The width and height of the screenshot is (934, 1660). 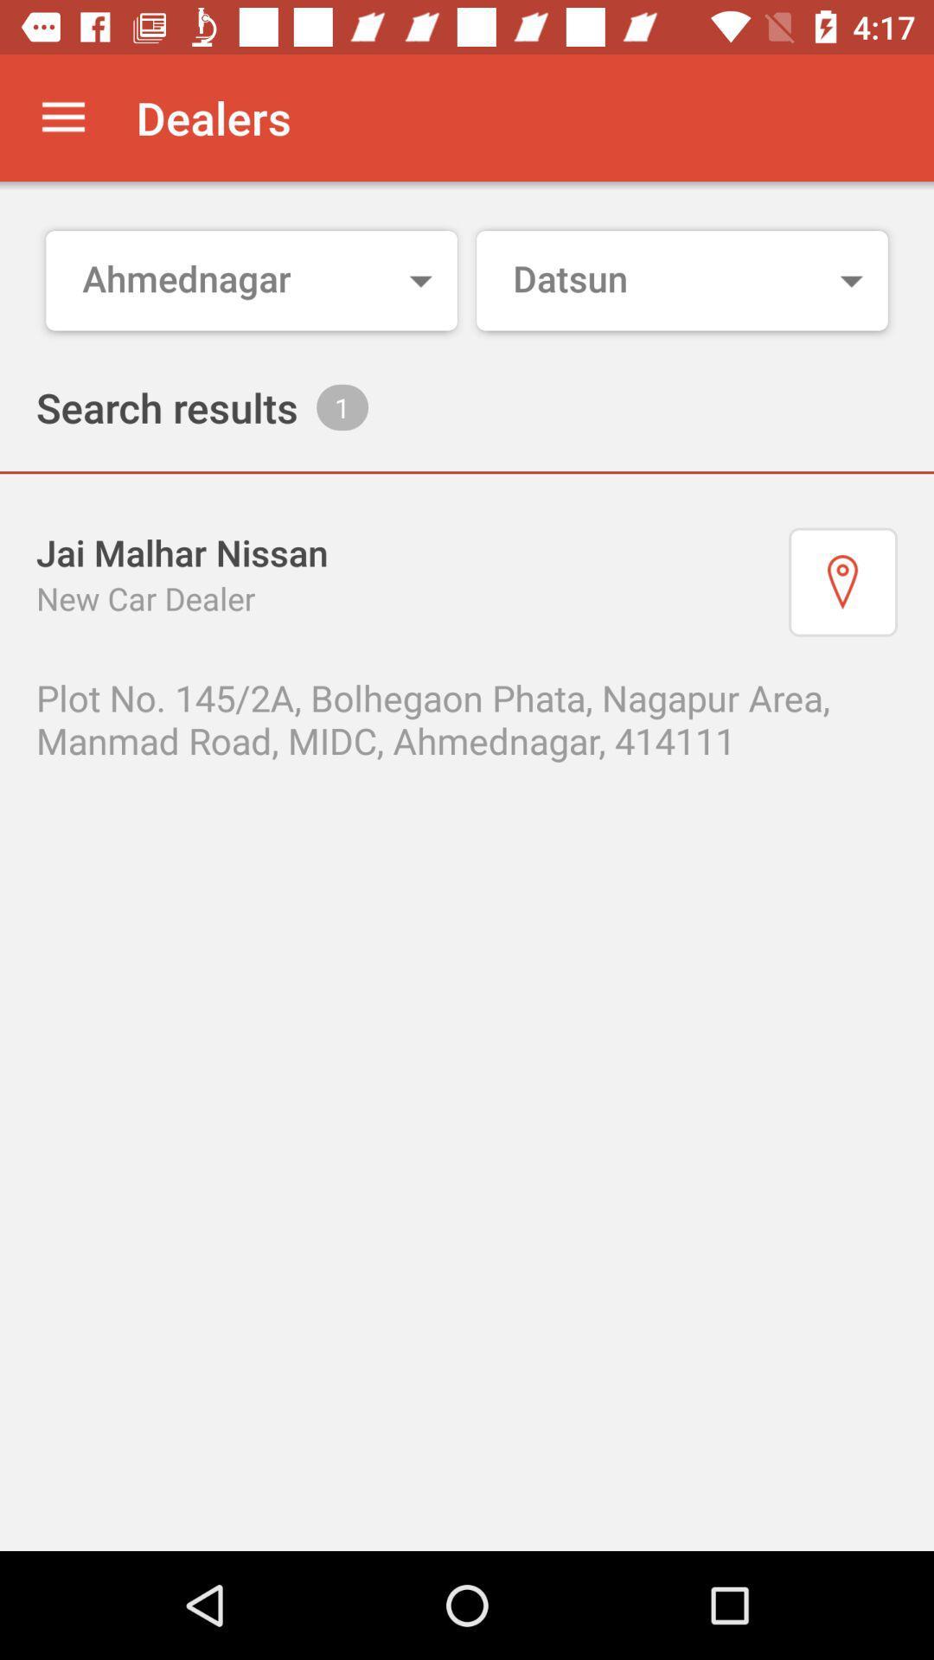 What do you see at coordinates (62, 117) in the screenshot?
I see `the app to the left of dealers app` at bounding box center [62, 117].